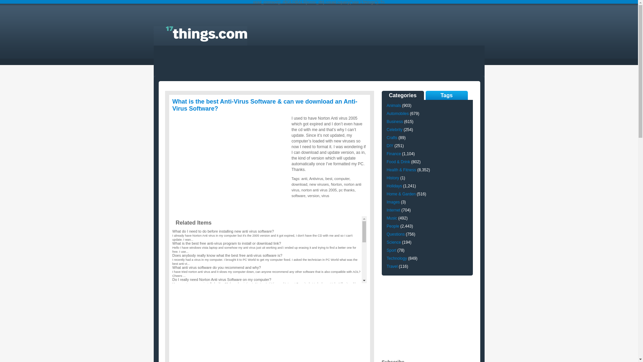  I want to click on 'virus', so click(325, 195).